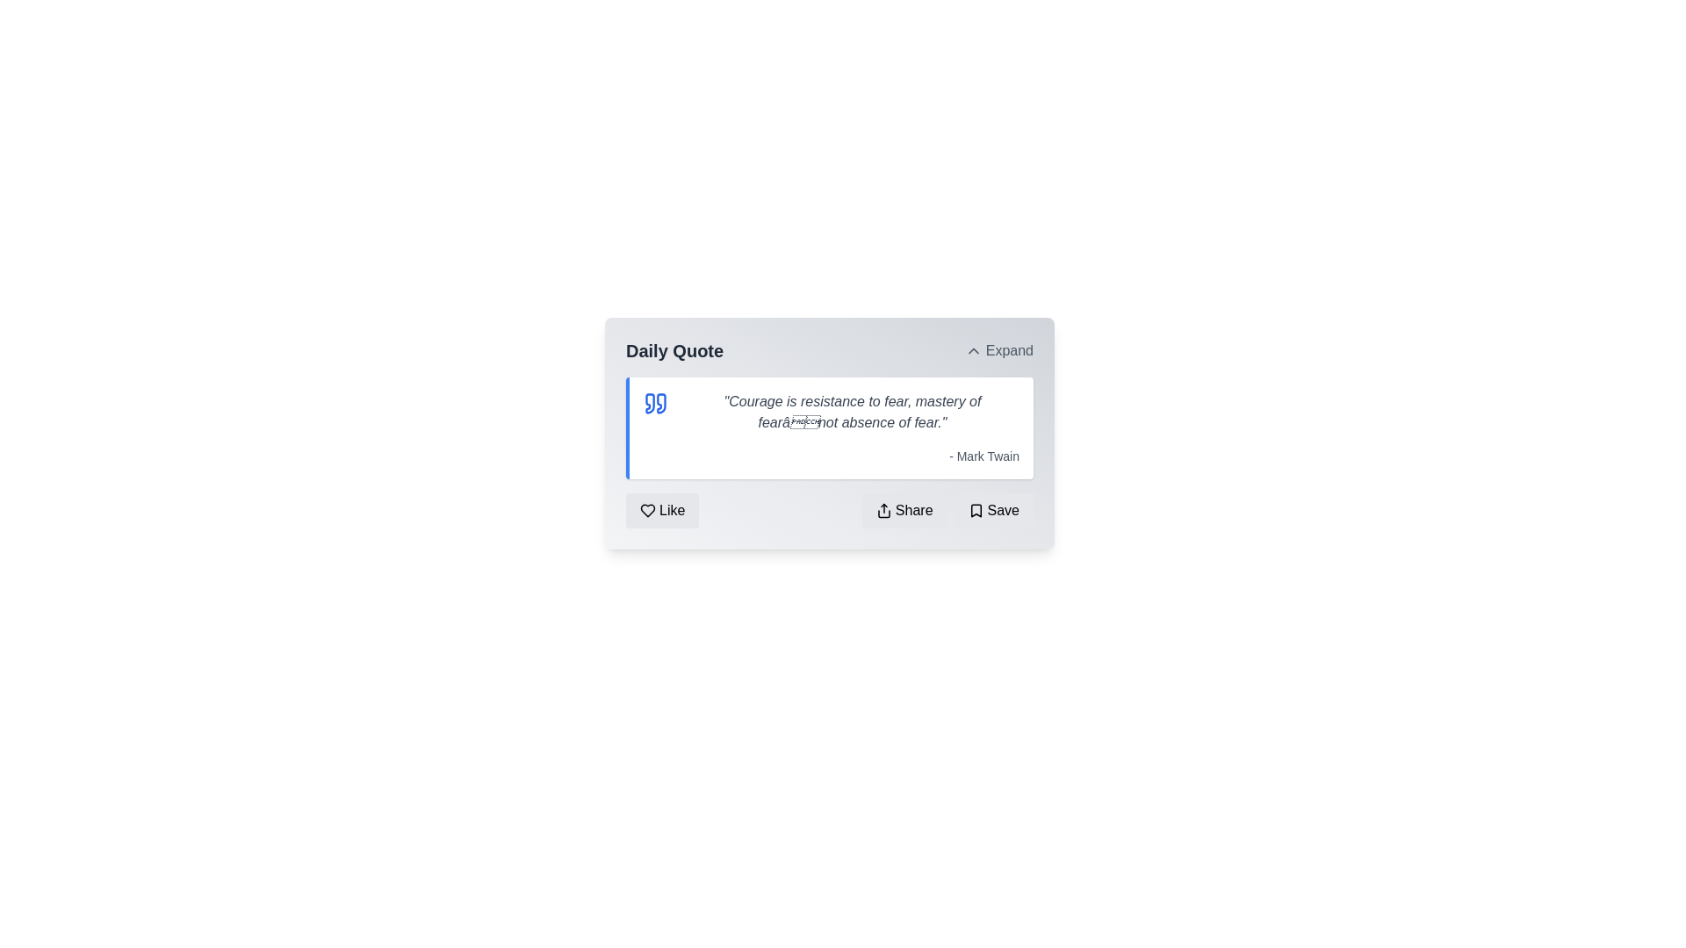 This screenshot has width=1686, height=948. Describe the element at coordinates (972, 351) in the screenshot. I see `the upward-pointing chevron icon located to the left of the 'Expand' label` at that location.